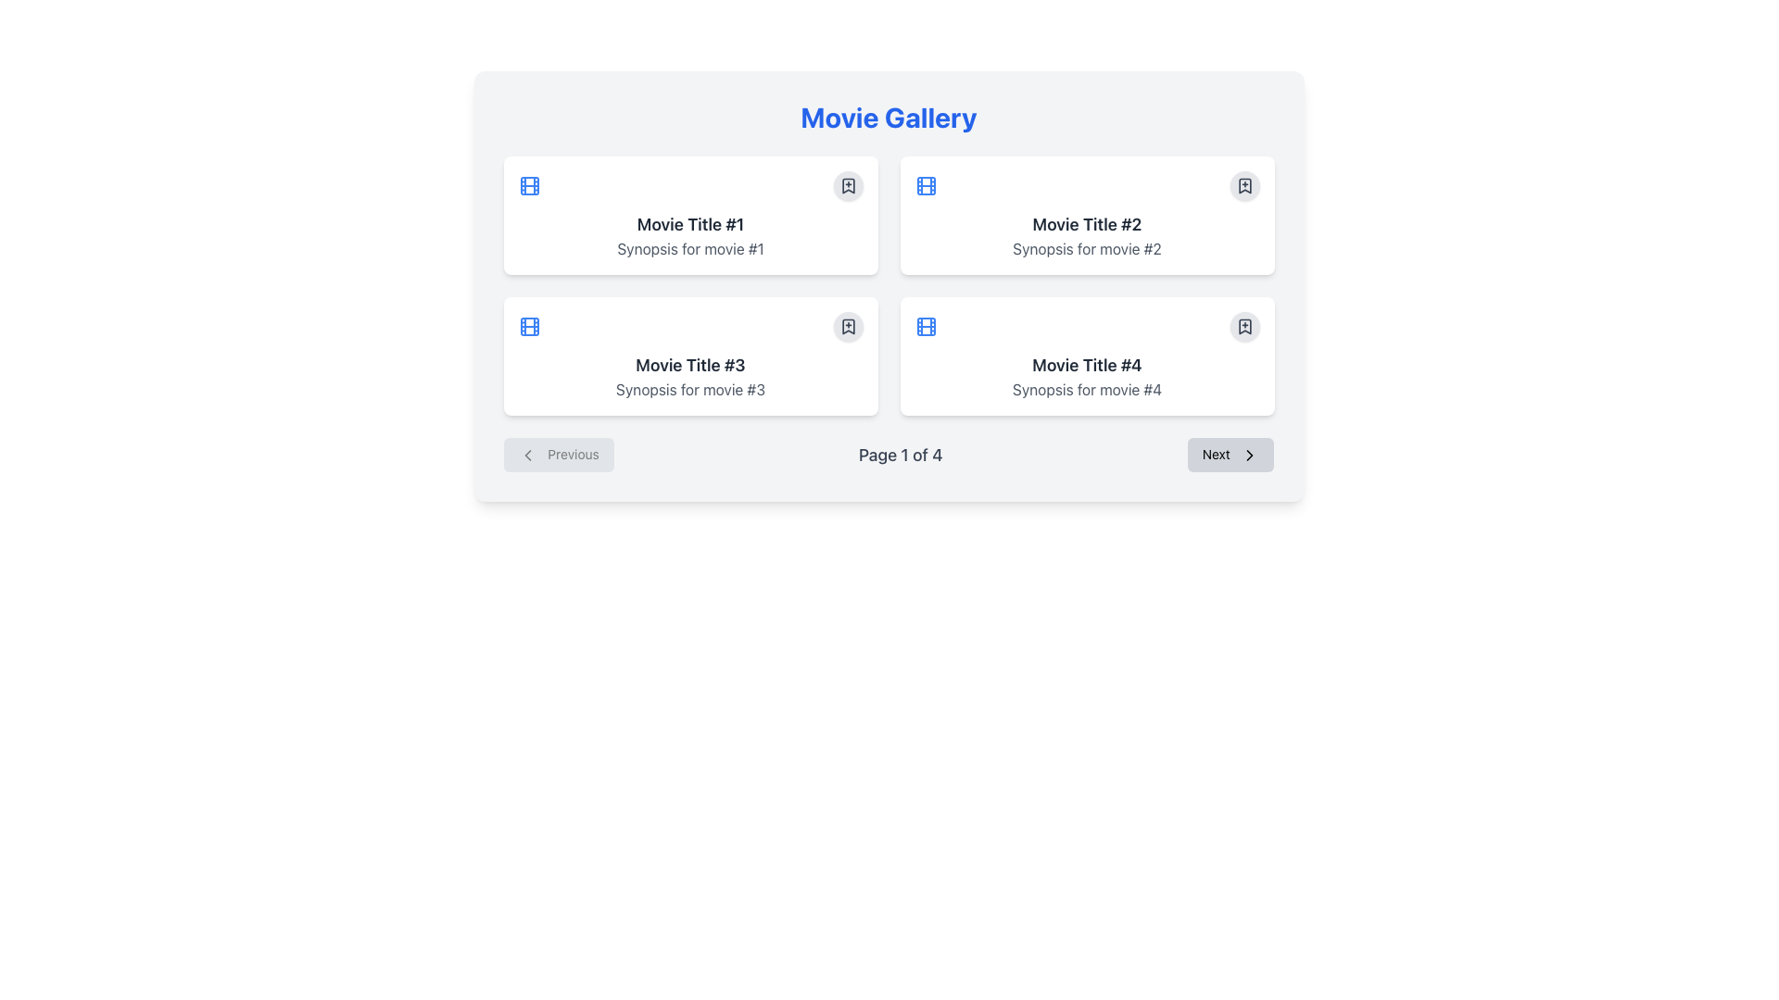 The width and height of the screenshot is (1779, 1000). Describe the element at coordinates (1244, 185) in the screenshot. I see `the bookmark icon in the top-right corner of the 'Movie Title #2' card to mark the movie for later reference` at that location.